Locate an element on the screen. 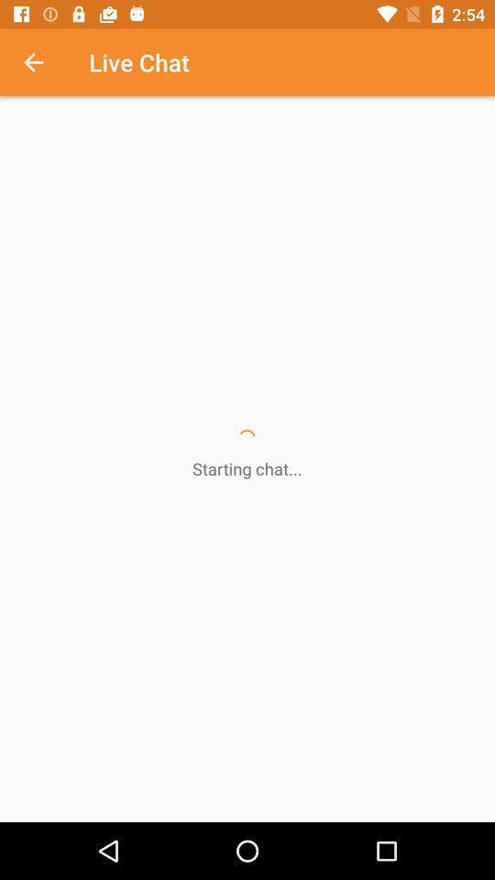  item at the top left corner is located at coordinates (43, 62).